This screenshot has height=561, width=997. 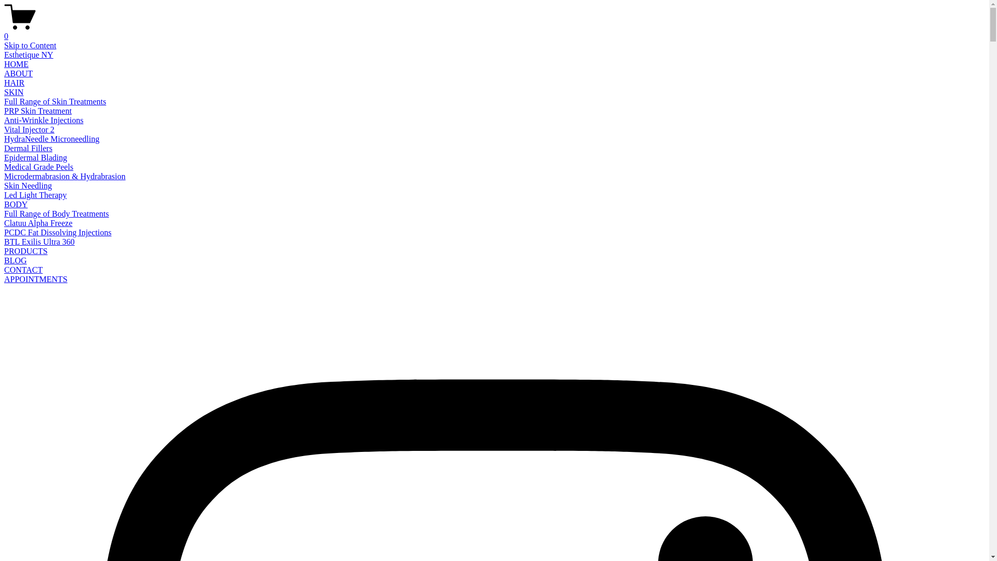 What do you see at coordinates (38, 222) in the screenshot?
I see `'Clatuu Alpha Freeze'` at bounding box center [38, 222].